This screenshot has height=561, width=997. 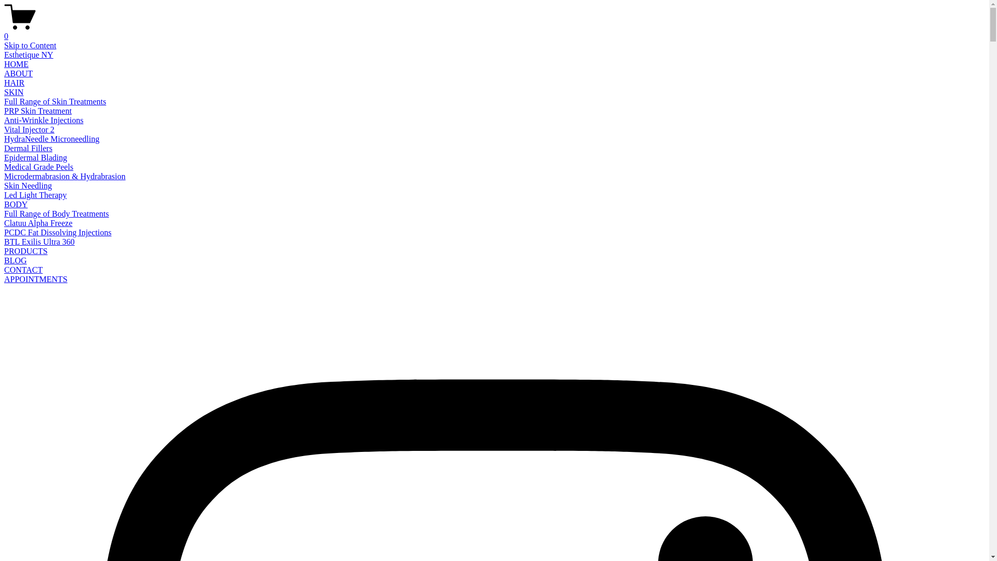 What do you see at coordinates (38, 222) in the screenshot?
I see `'Clatuu Alpha Freeze'` at bounding box center [38, 222].